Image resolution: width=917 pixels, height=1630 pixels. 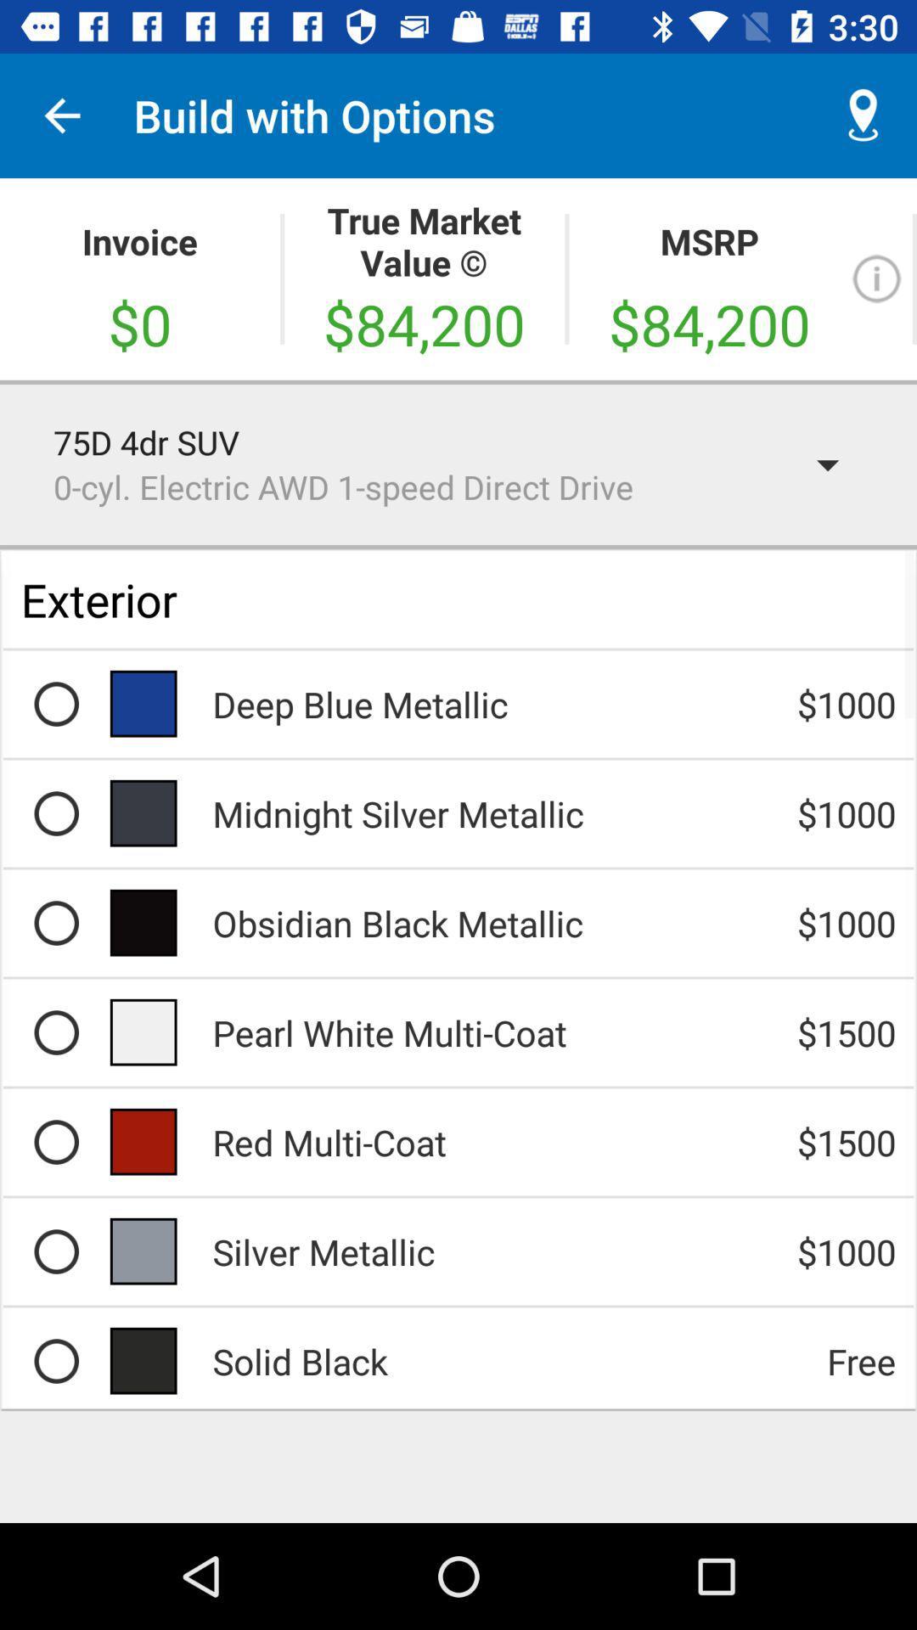 I want to click on the row of products, so click(x=55, y=1361).